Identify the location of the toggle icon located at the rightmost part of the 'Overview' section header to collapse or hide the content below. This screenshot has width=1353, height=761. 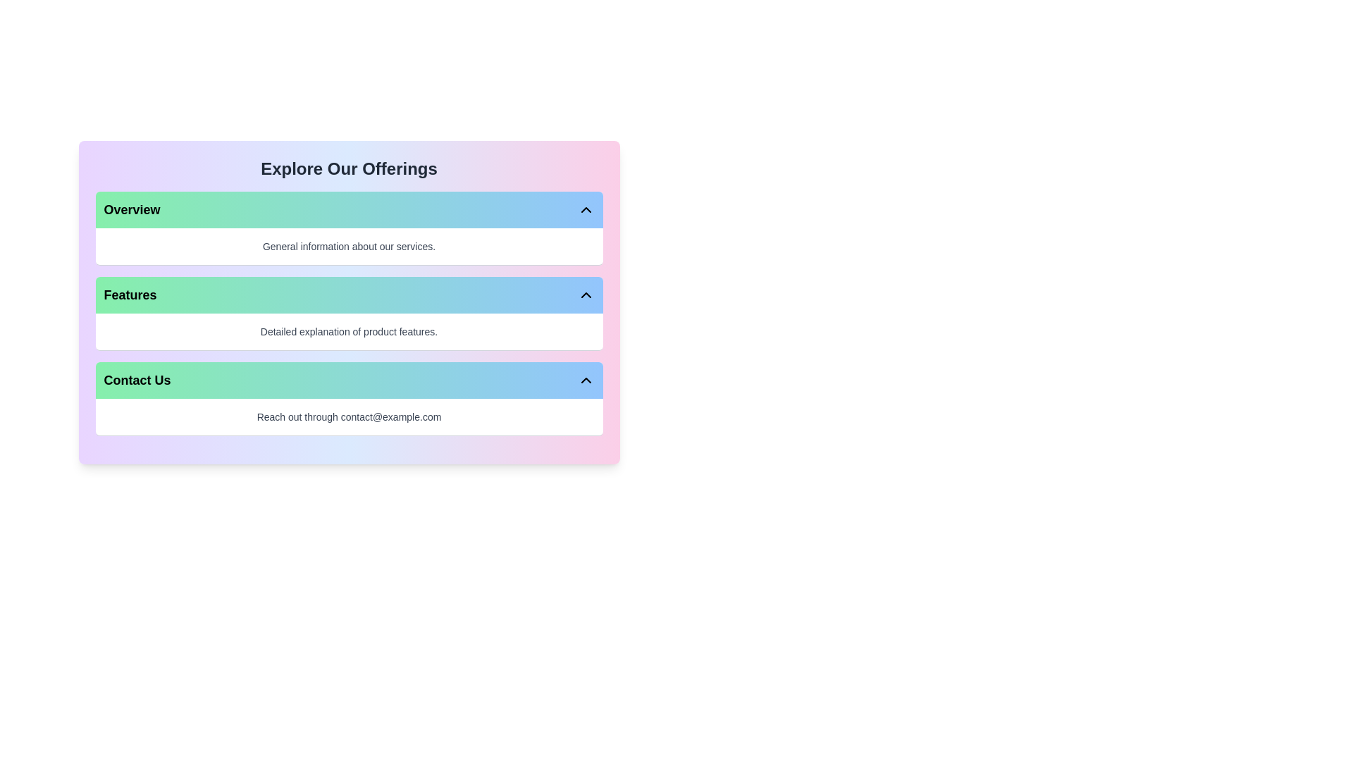
(586, 209).